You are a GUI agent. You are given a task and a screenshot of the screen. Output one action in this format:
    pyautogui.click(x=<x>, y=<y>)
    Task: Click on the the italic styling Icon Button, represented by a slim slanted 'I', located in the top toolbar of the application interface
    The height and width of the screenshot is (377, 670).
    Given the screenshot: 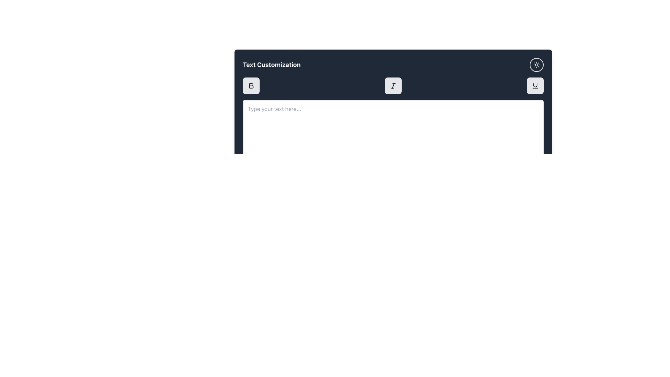 What is the action you would take?
    pyautogui.click(x=393, y=86)
    